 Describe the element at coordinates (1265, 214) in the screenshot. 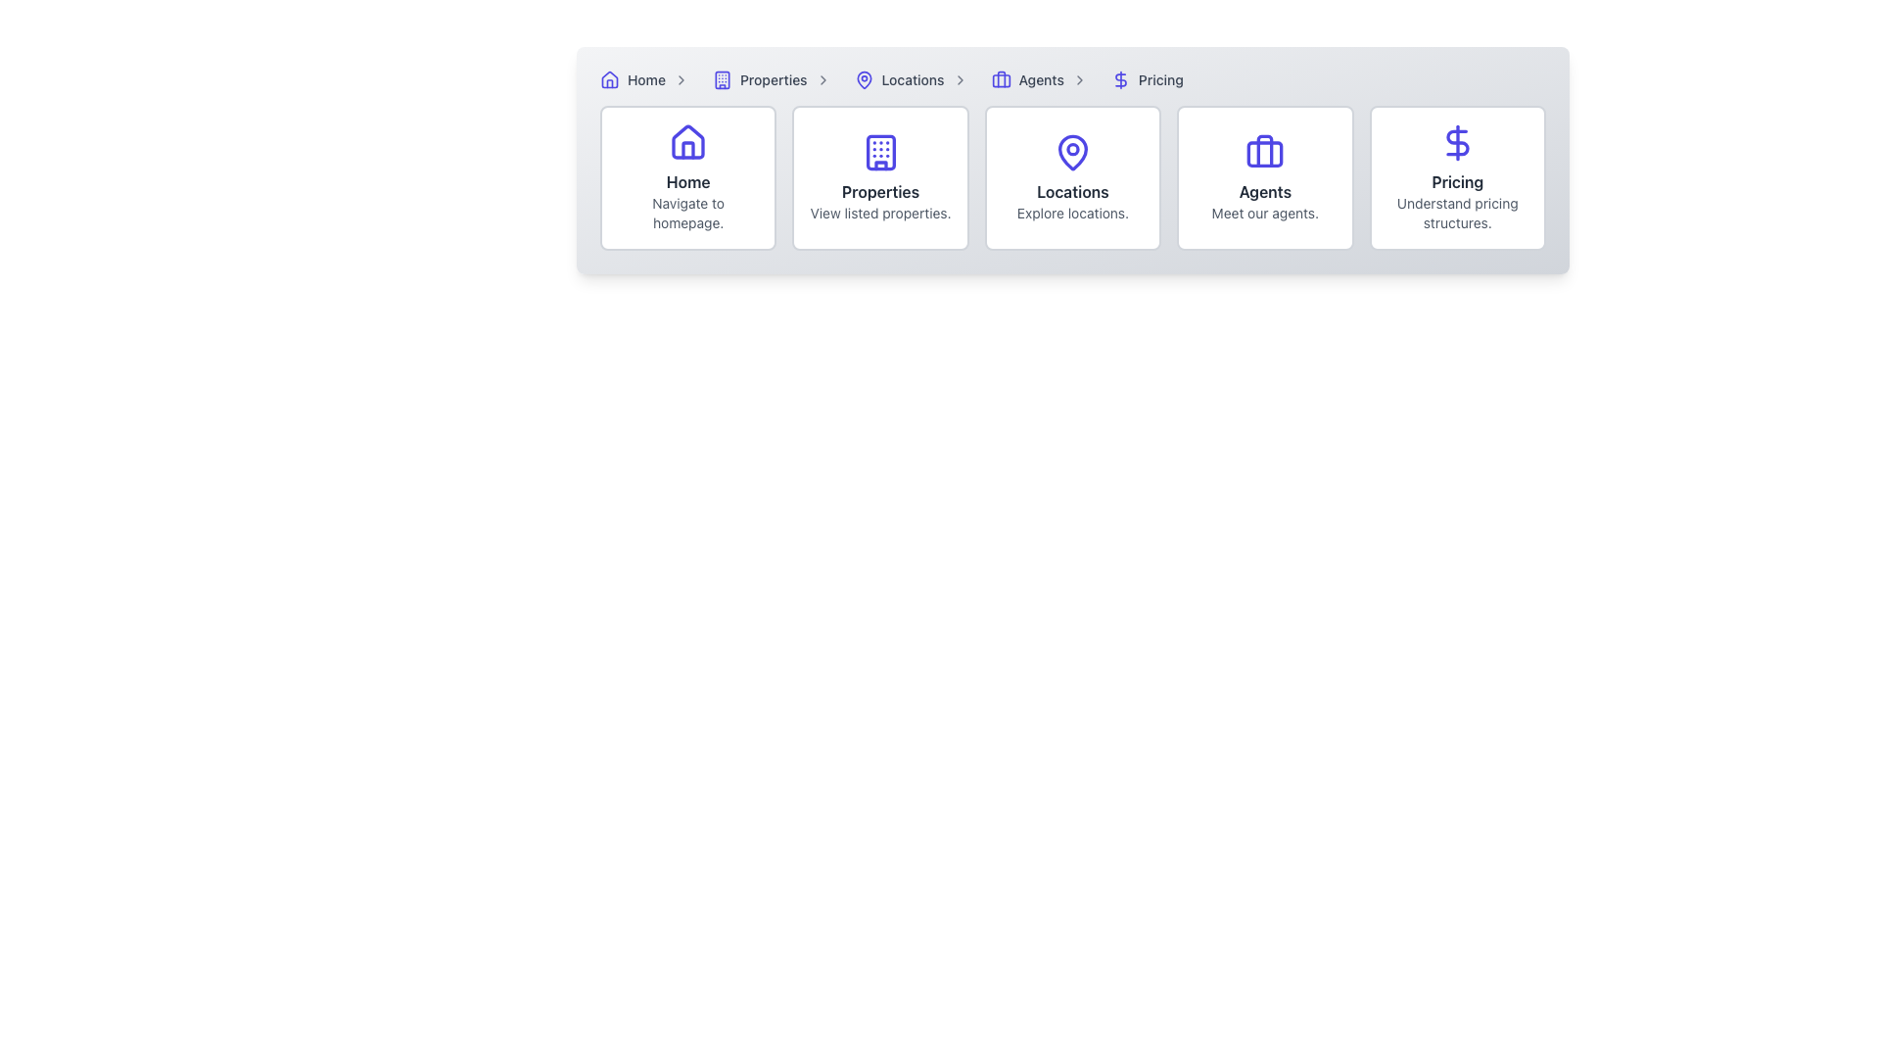

I see `the text label providing additional information related to 'Agents', located at the bottom section of the 'Agents' card` at that location.